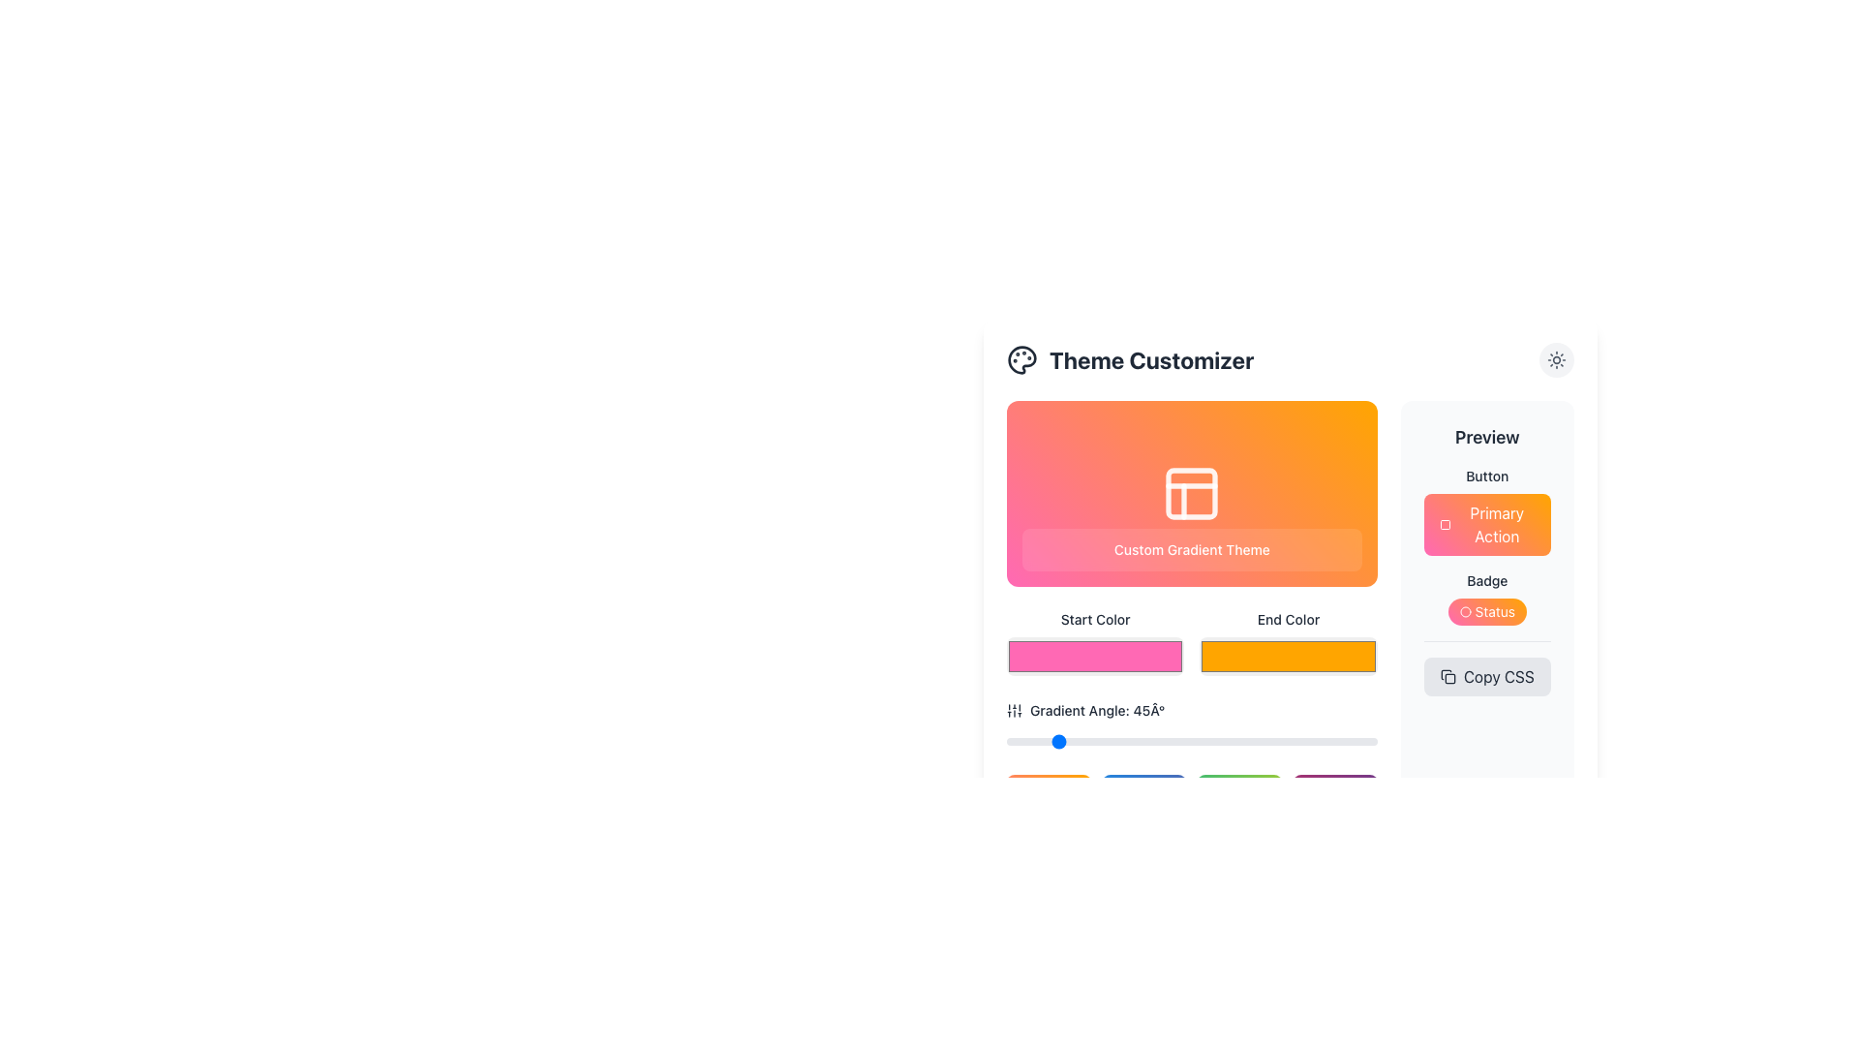 This screenshot has width=1859, height=1046. What do you see at coordinates (1191, 741) in the screenshot?
I see `the slider input for adjusting the gradient angle, which is located below the label 'Gradient Angle: 45°' and the corresponding icon` at bounding box center [1191, 741].